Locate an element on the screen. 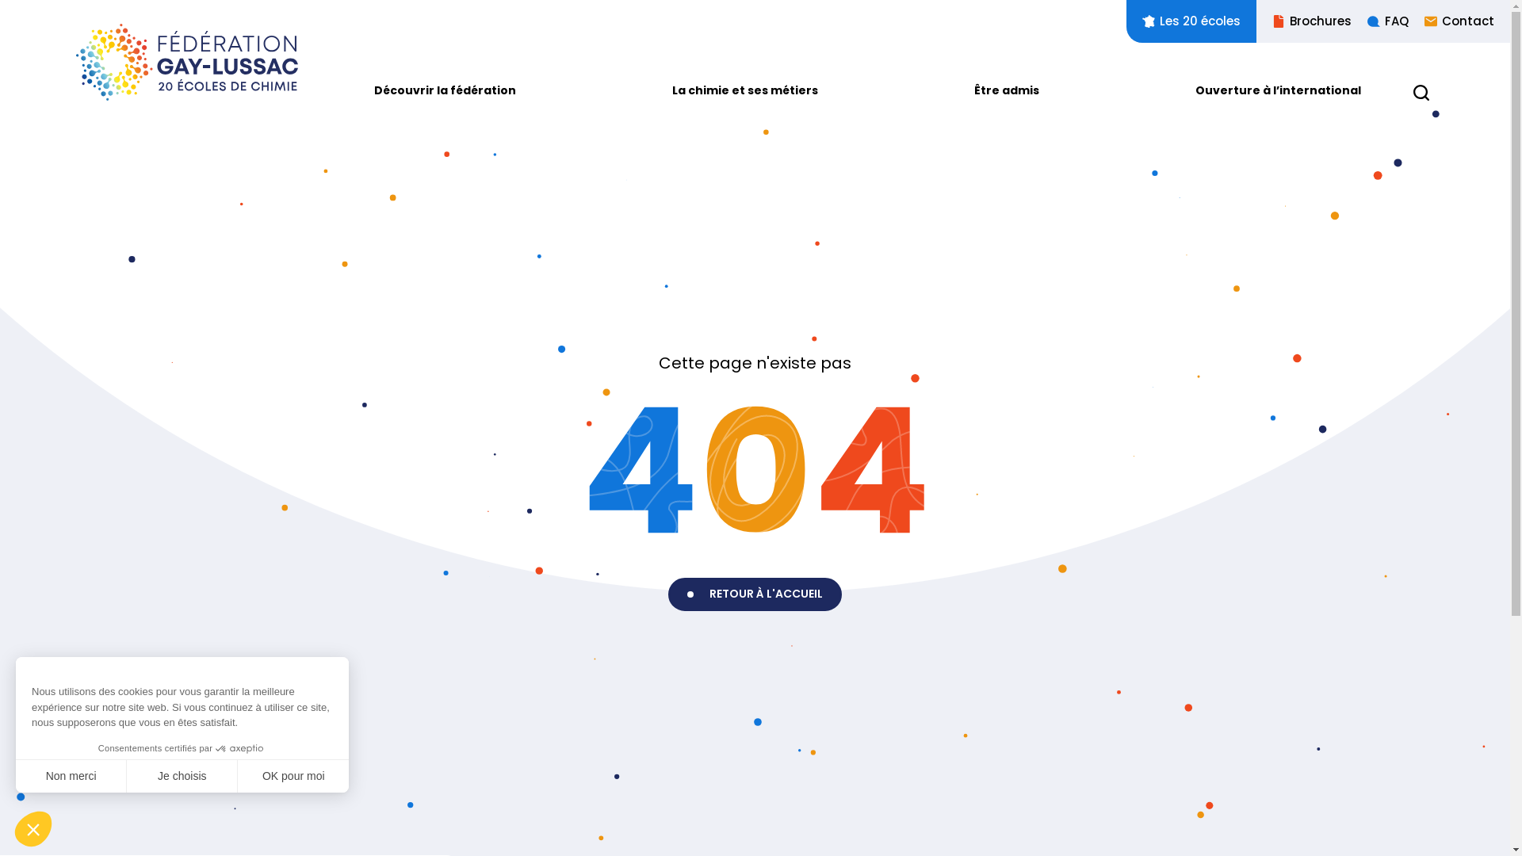 The height and width of the screenshot is (856, 1522). 'Contact' is located at coordinates (1451, 21).